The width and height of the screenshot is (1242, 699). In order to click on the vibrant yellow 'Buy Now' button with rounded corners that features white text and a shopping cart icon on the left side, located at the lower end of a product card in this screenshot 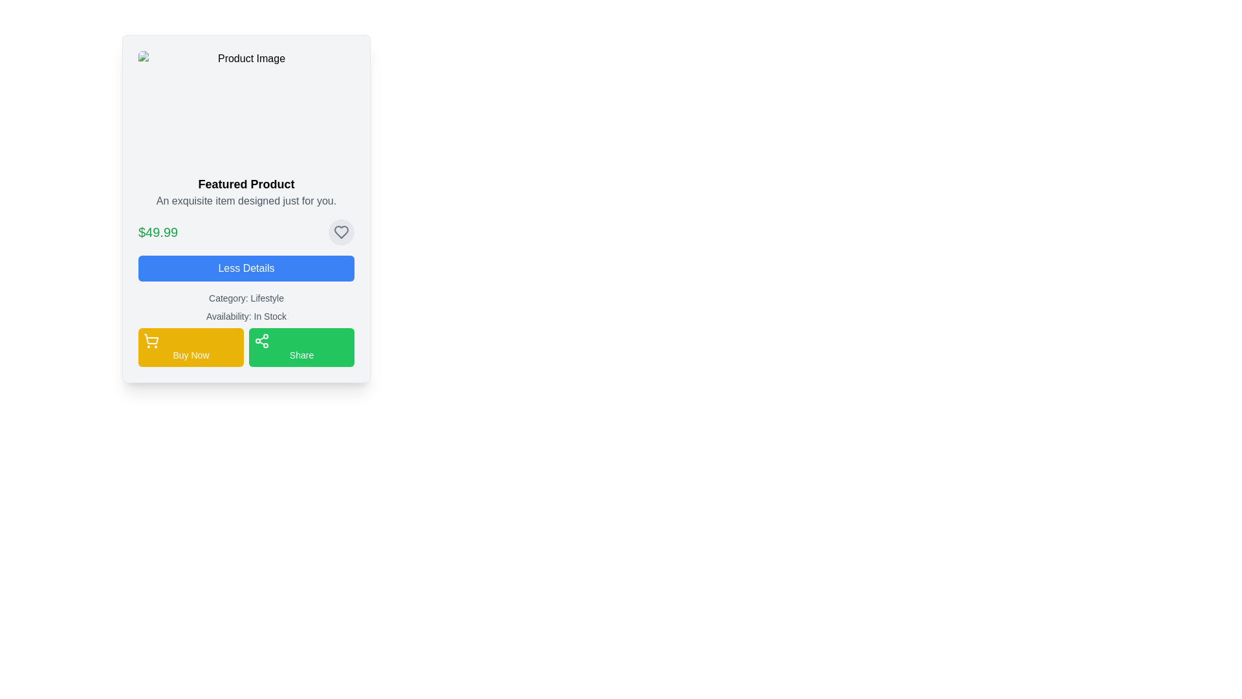, I will do `click(190, 346)`.